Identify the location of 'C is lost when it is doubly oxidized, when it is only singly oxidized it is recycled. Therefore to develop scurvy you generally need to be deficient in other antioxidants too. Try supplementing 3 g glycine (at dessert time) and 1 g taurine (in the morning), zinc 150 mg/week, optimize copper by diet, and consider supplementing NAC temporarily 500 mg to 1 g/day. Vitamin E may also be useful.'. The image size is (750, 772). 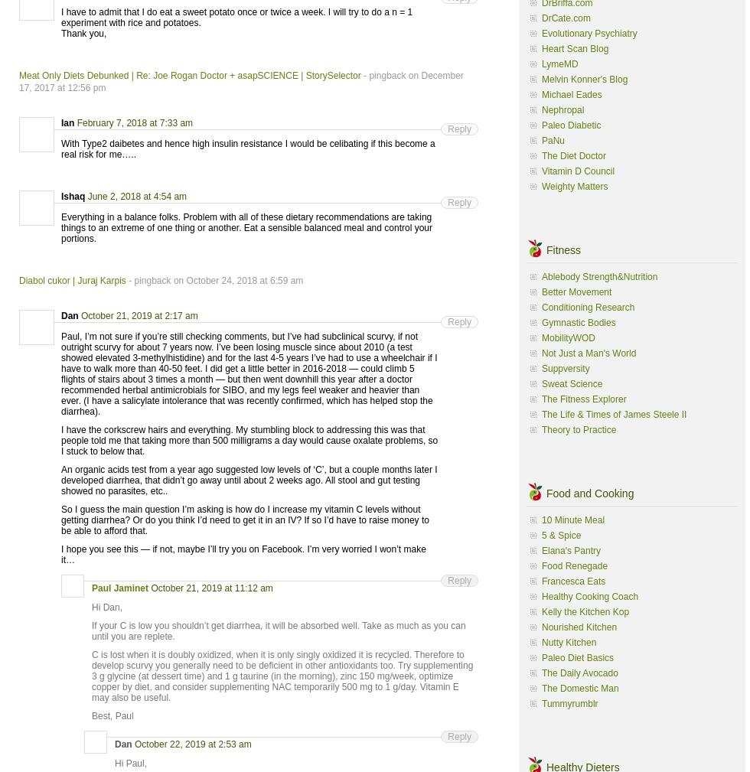
(91, 676).